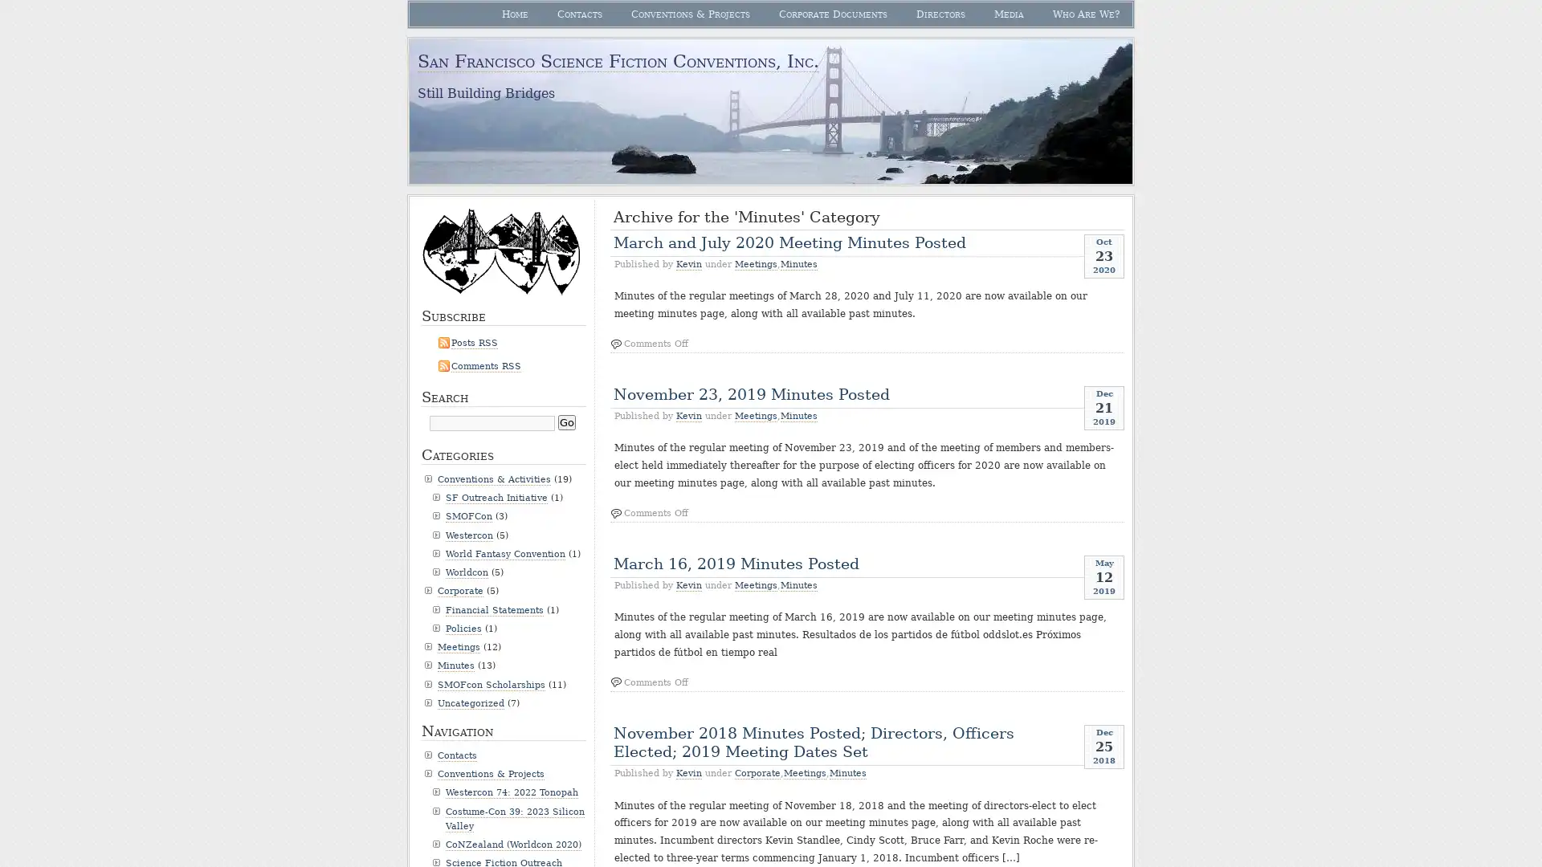 This screenshot has width=1542, height=867. I want to click on Go, so click(566, 421).